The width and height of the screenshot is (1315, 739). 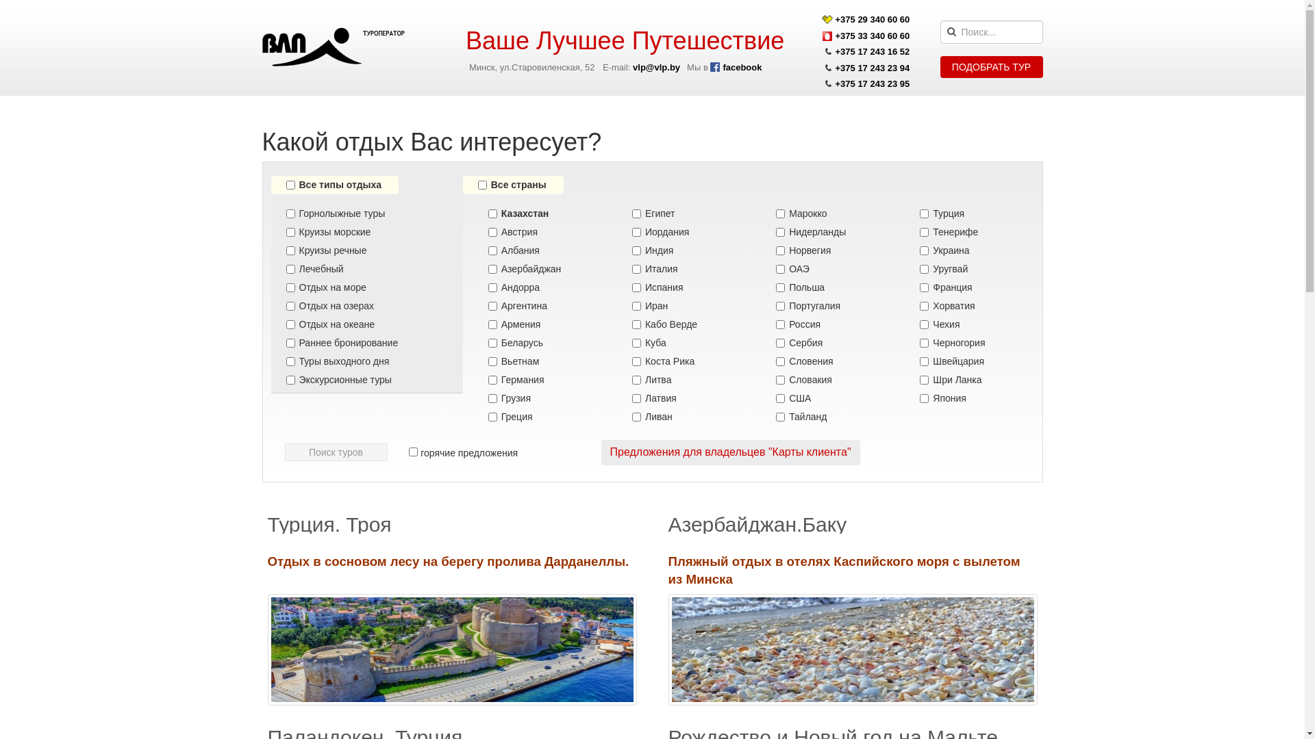 What do you see at coordinates (834, 51) in the screenshot?
I see `'+375 17 243 16 52'` at bounding box center [834, 51].